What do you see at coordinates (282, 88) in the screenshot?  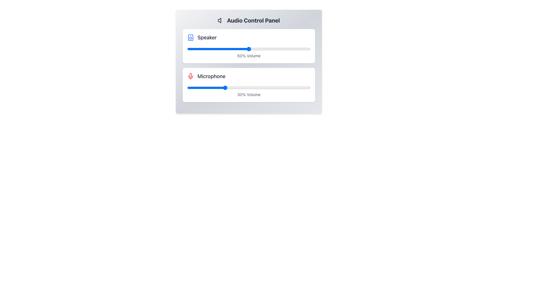 I see `the microphone volume` at bounding box center [282, 88].